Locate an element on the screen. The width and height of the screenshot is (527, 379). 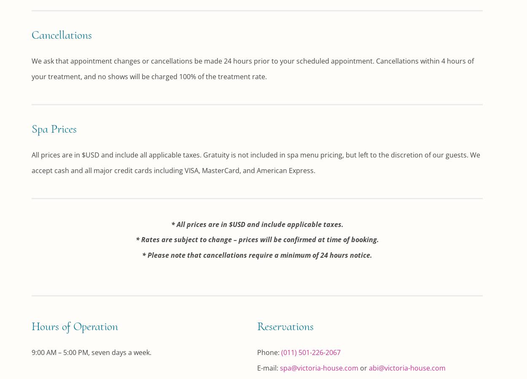
'* Please note that cancellations require a minimum of 24 hours notice.' is located at coordinates (257, 255).